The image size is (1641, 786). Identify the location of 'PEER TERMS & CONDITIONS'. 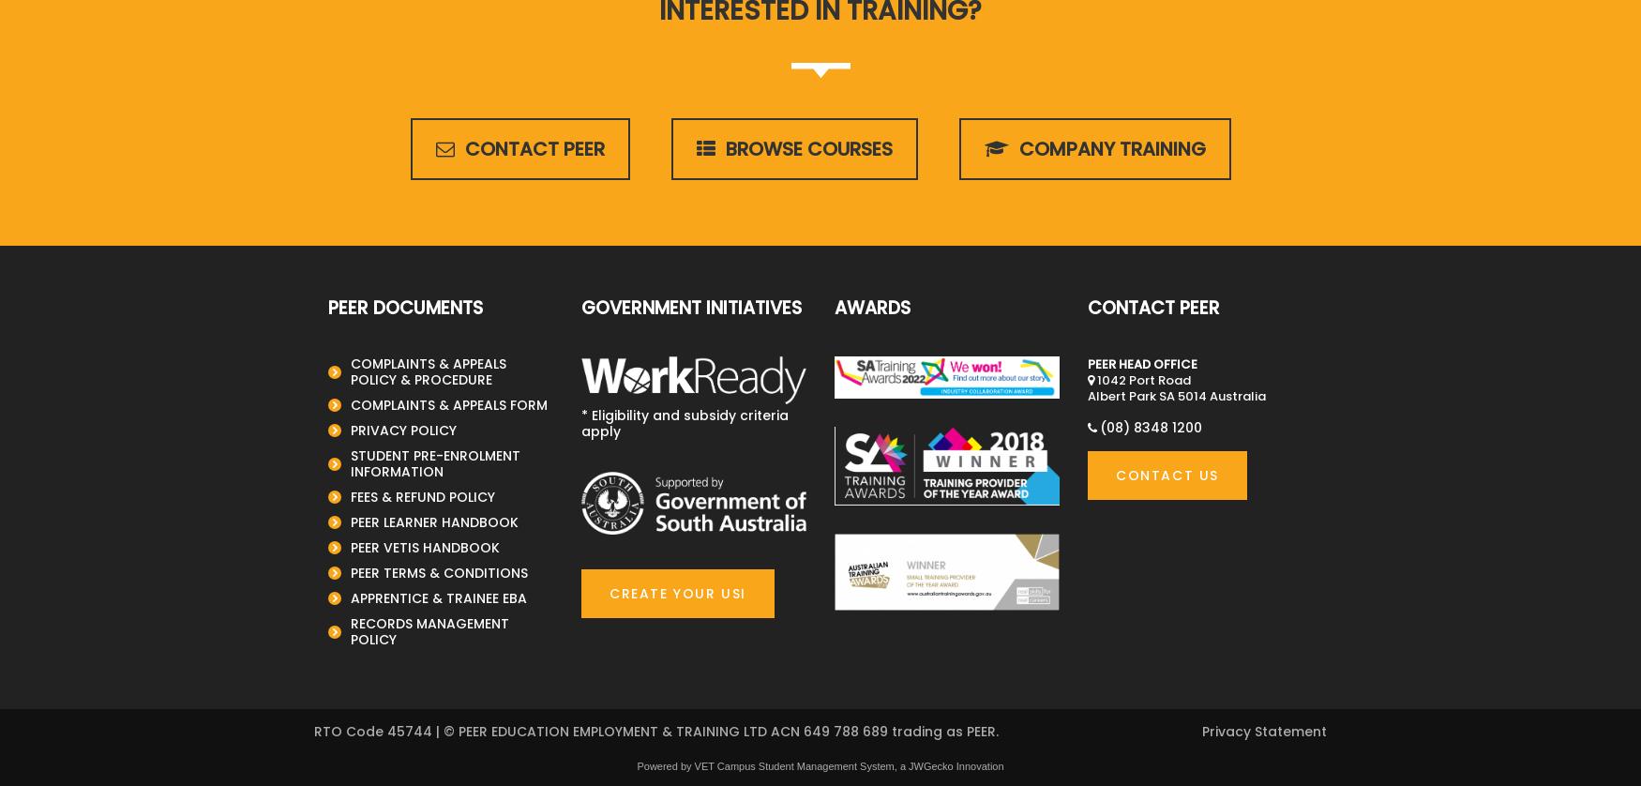
(350, 571).